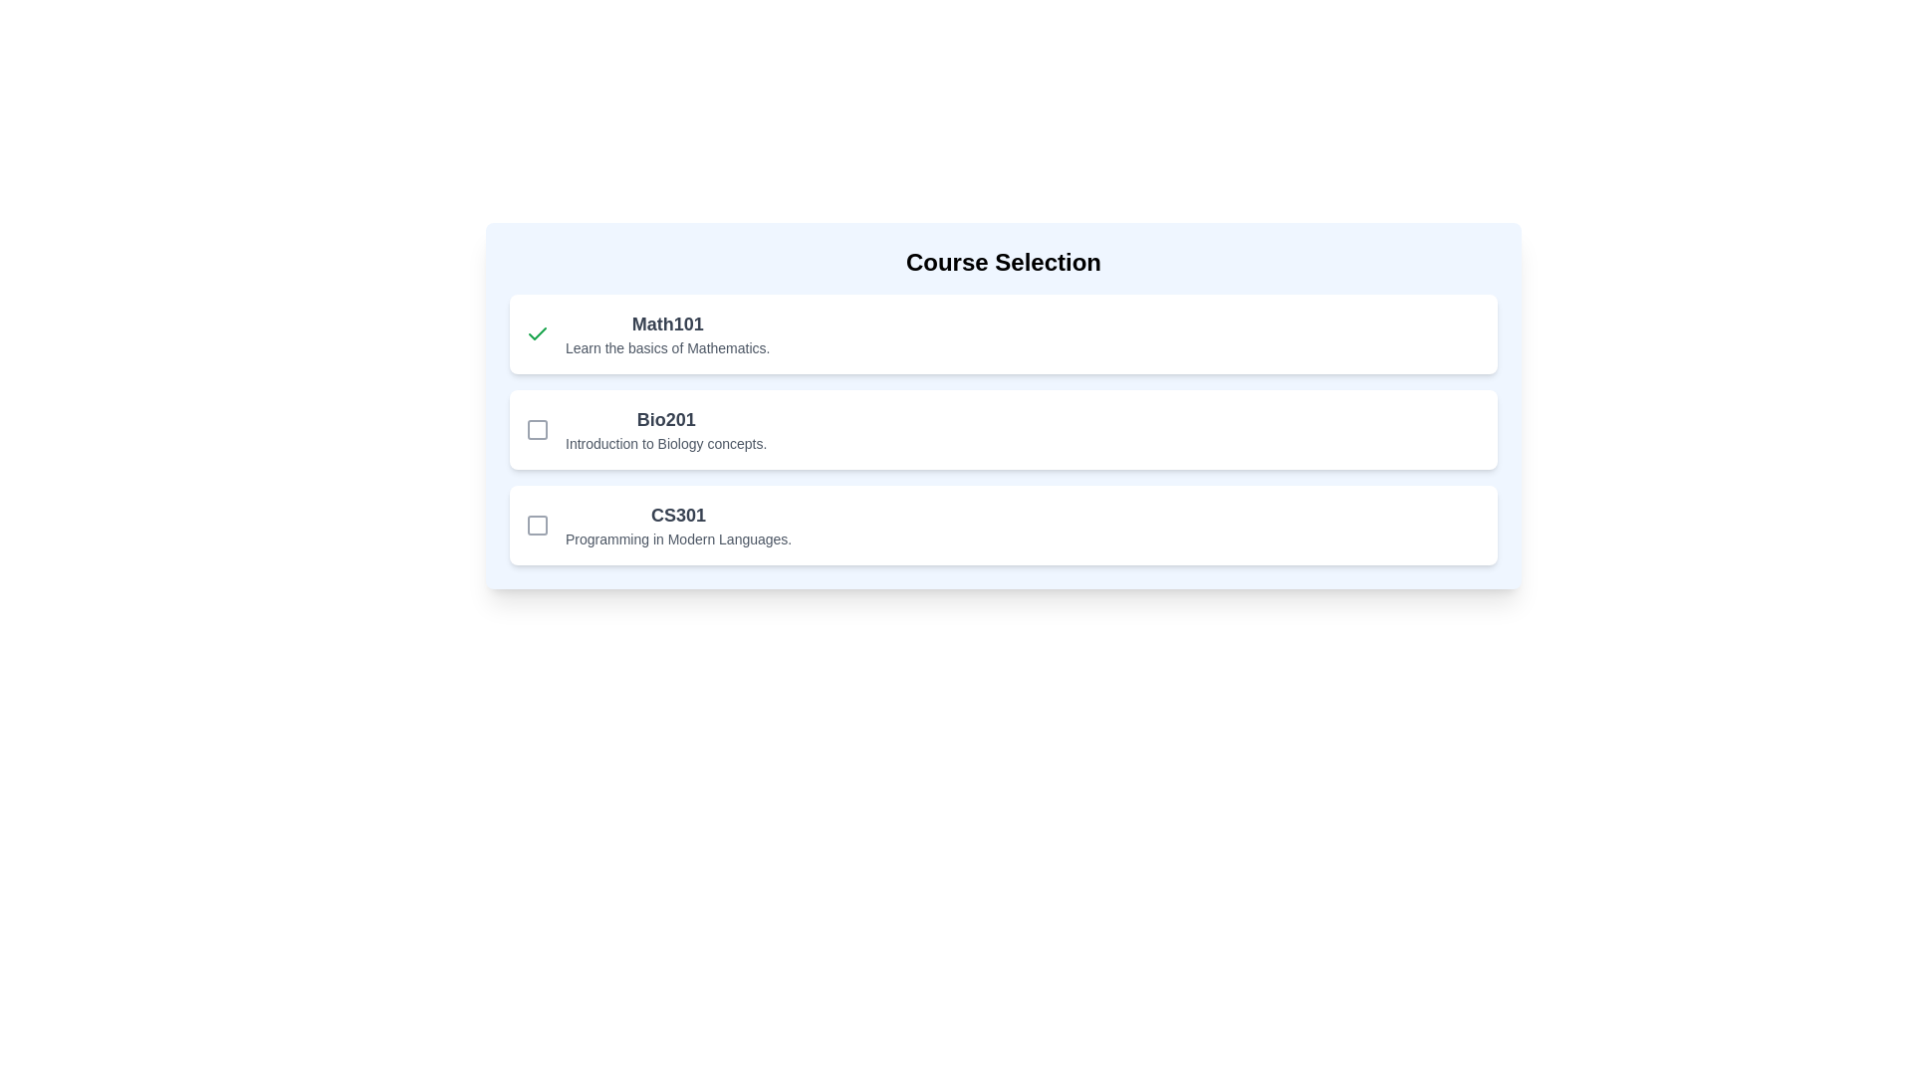 This screenshot has height=1075, width=1912. Describe the element at coordinates (537, 525) in the screenshot. I see `the empty square checkbox icon located to the left of the text 'CS301 Programming in Modern Languages.'` at that location.